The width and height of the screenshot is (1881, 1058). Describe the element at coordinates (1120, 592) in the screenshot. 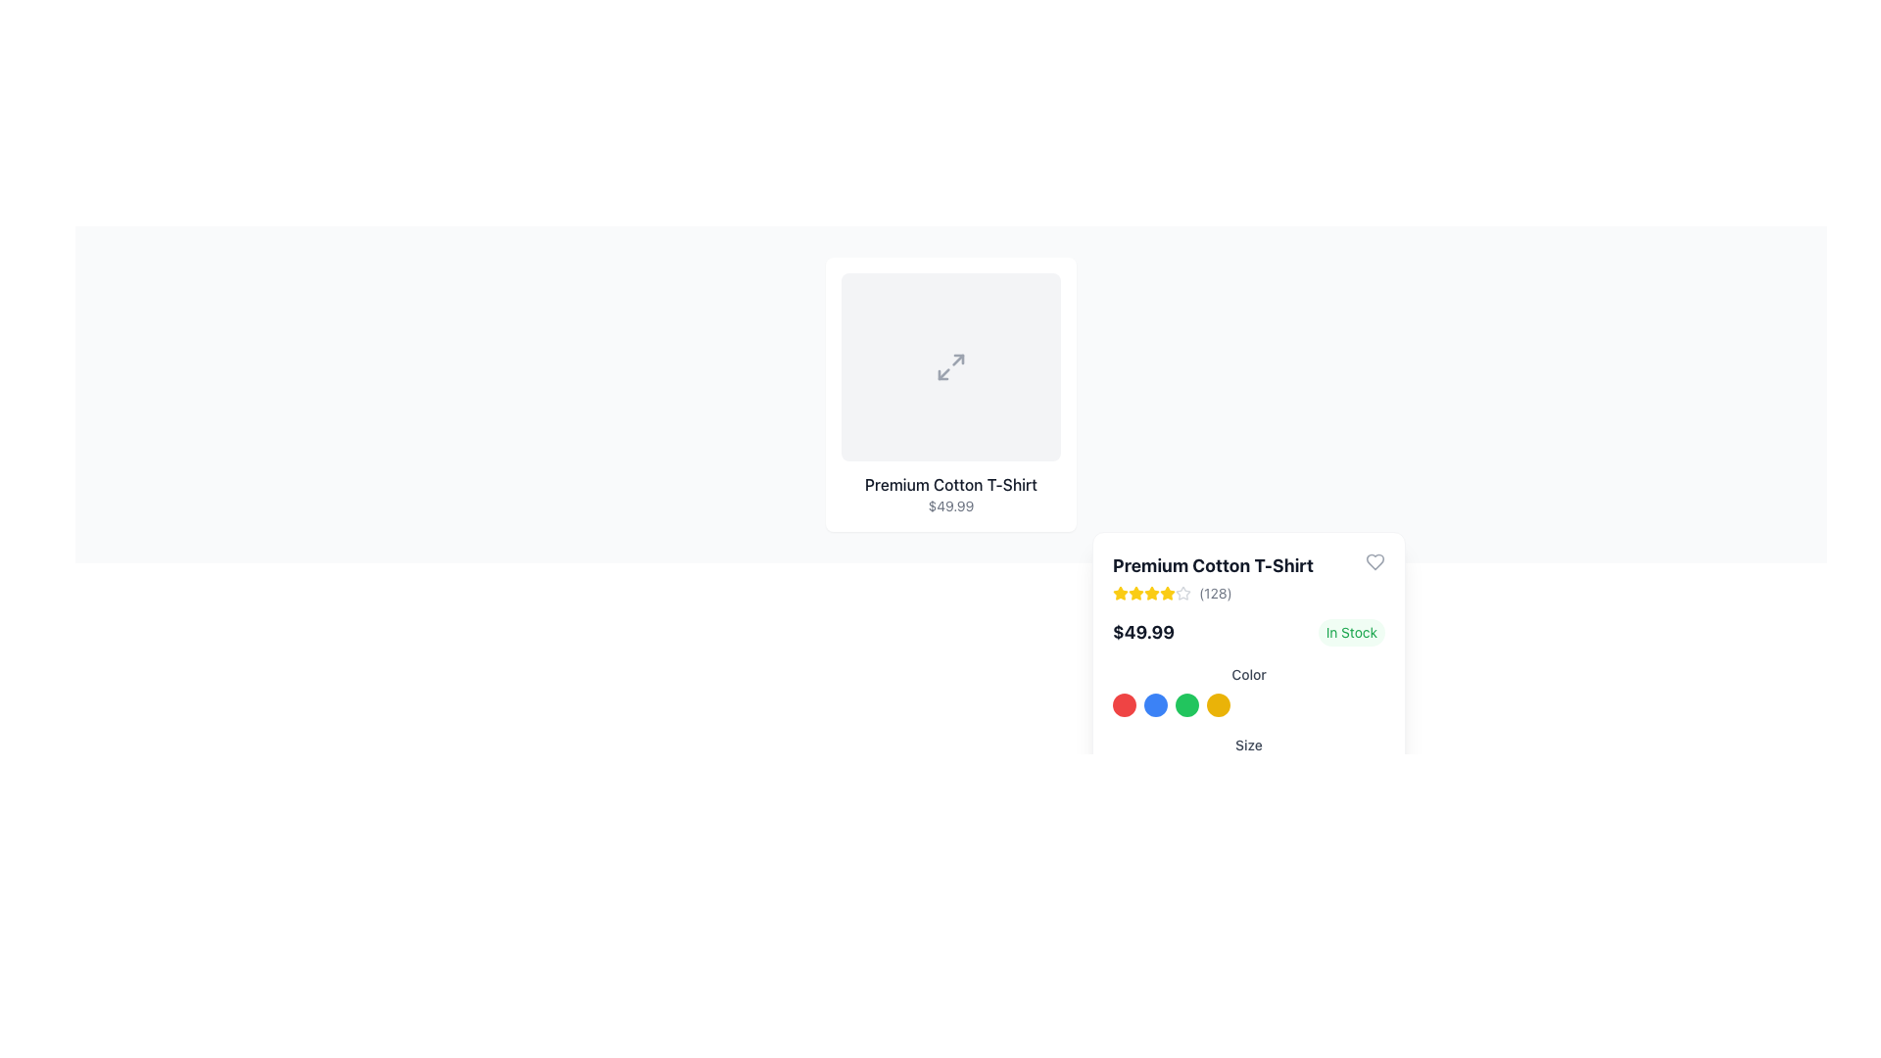

I see `the yellow star icon representing user ratings located in the top-right corner of the product details section` at that location.